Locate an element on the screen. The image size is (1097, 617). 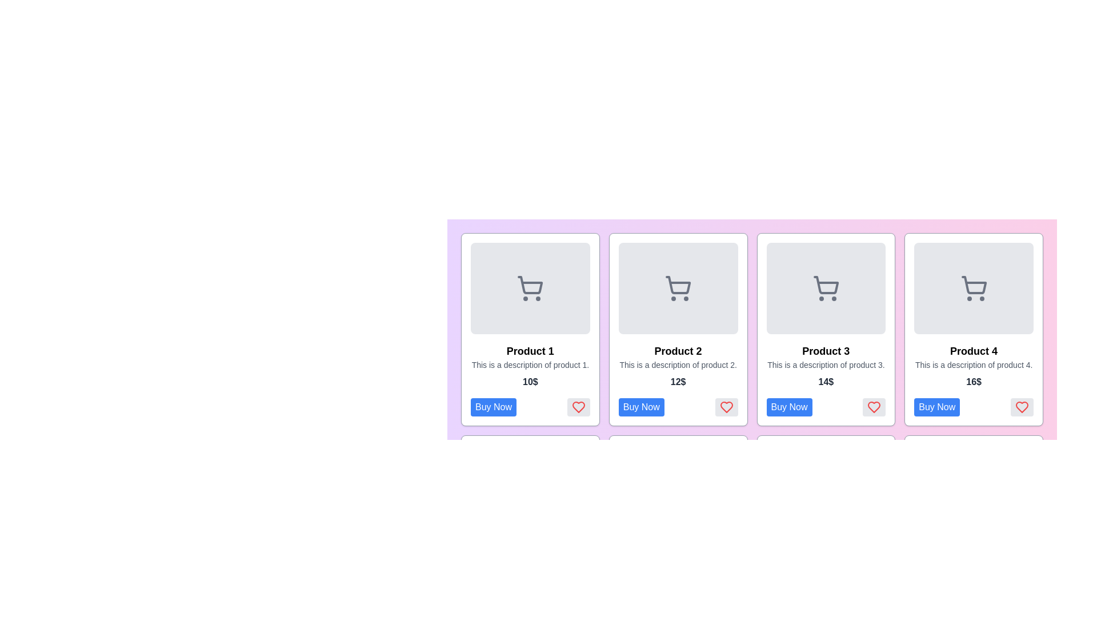
the text snippet reading 'This is a description of product 2.' located centrally within the card component for 'Product 2', which is positioned below the title 'Product 2' and above the price and 'Buy Now' button is located at coordinates (678, 365).